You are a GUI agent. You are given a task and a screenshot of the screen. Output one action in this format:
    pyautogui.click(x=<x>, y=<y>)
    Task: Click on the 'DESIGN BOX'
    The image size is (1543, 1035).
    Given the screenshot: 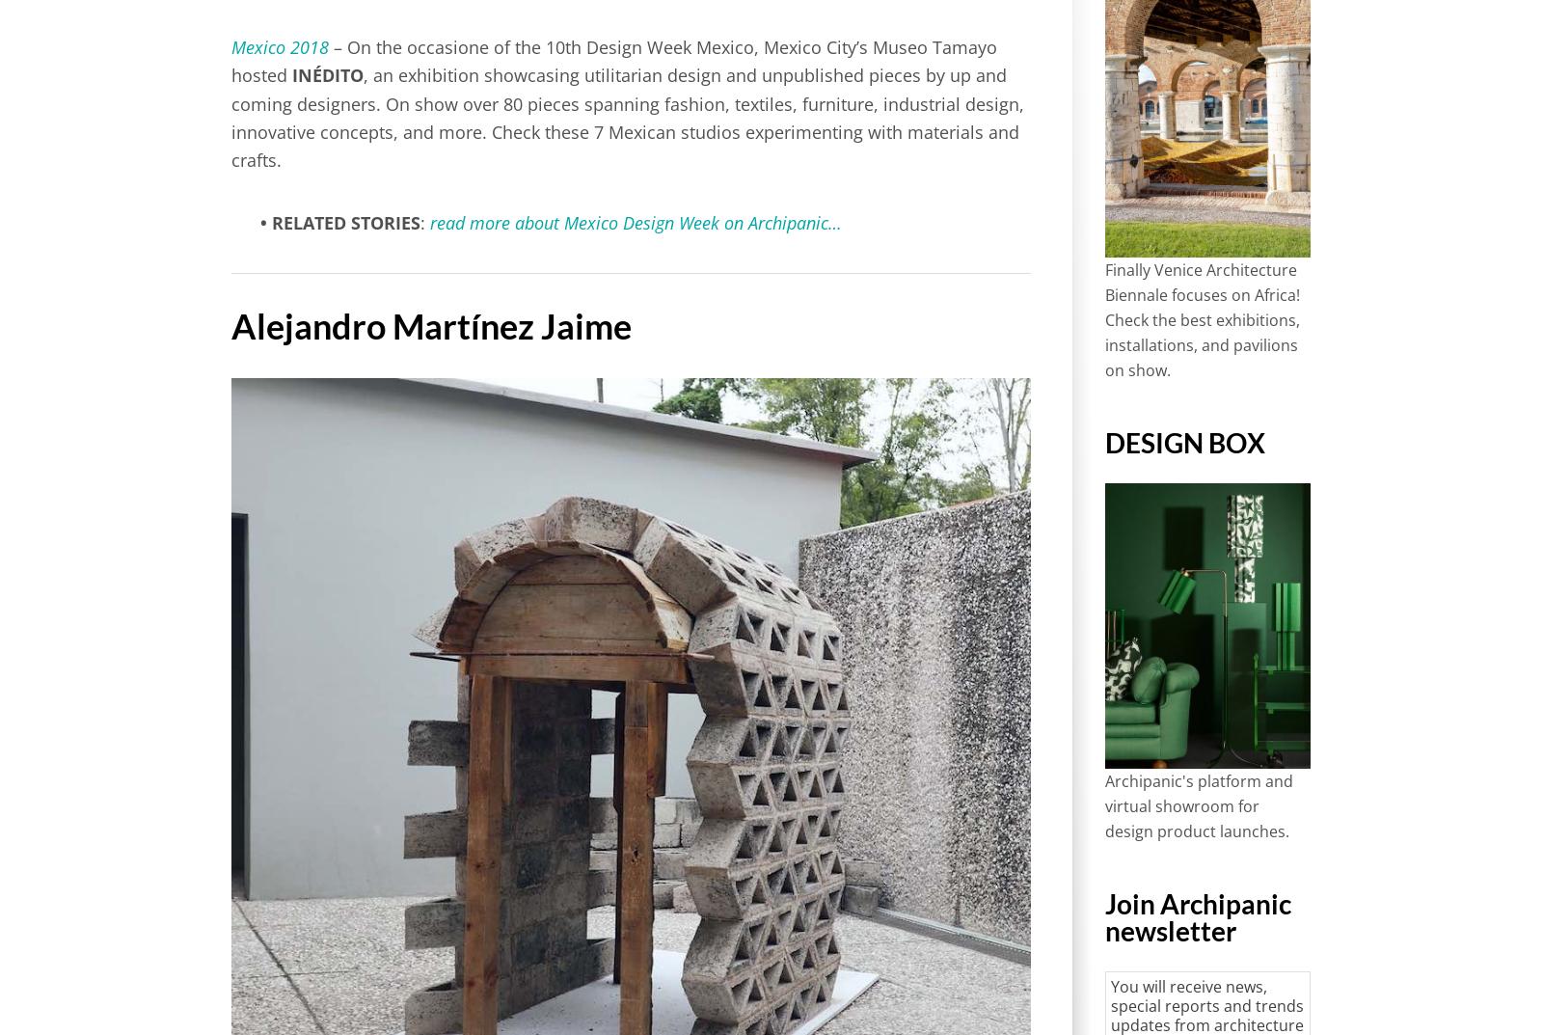 What is the action you would take?
    pyautogui.click(x=1183, y=441)
    